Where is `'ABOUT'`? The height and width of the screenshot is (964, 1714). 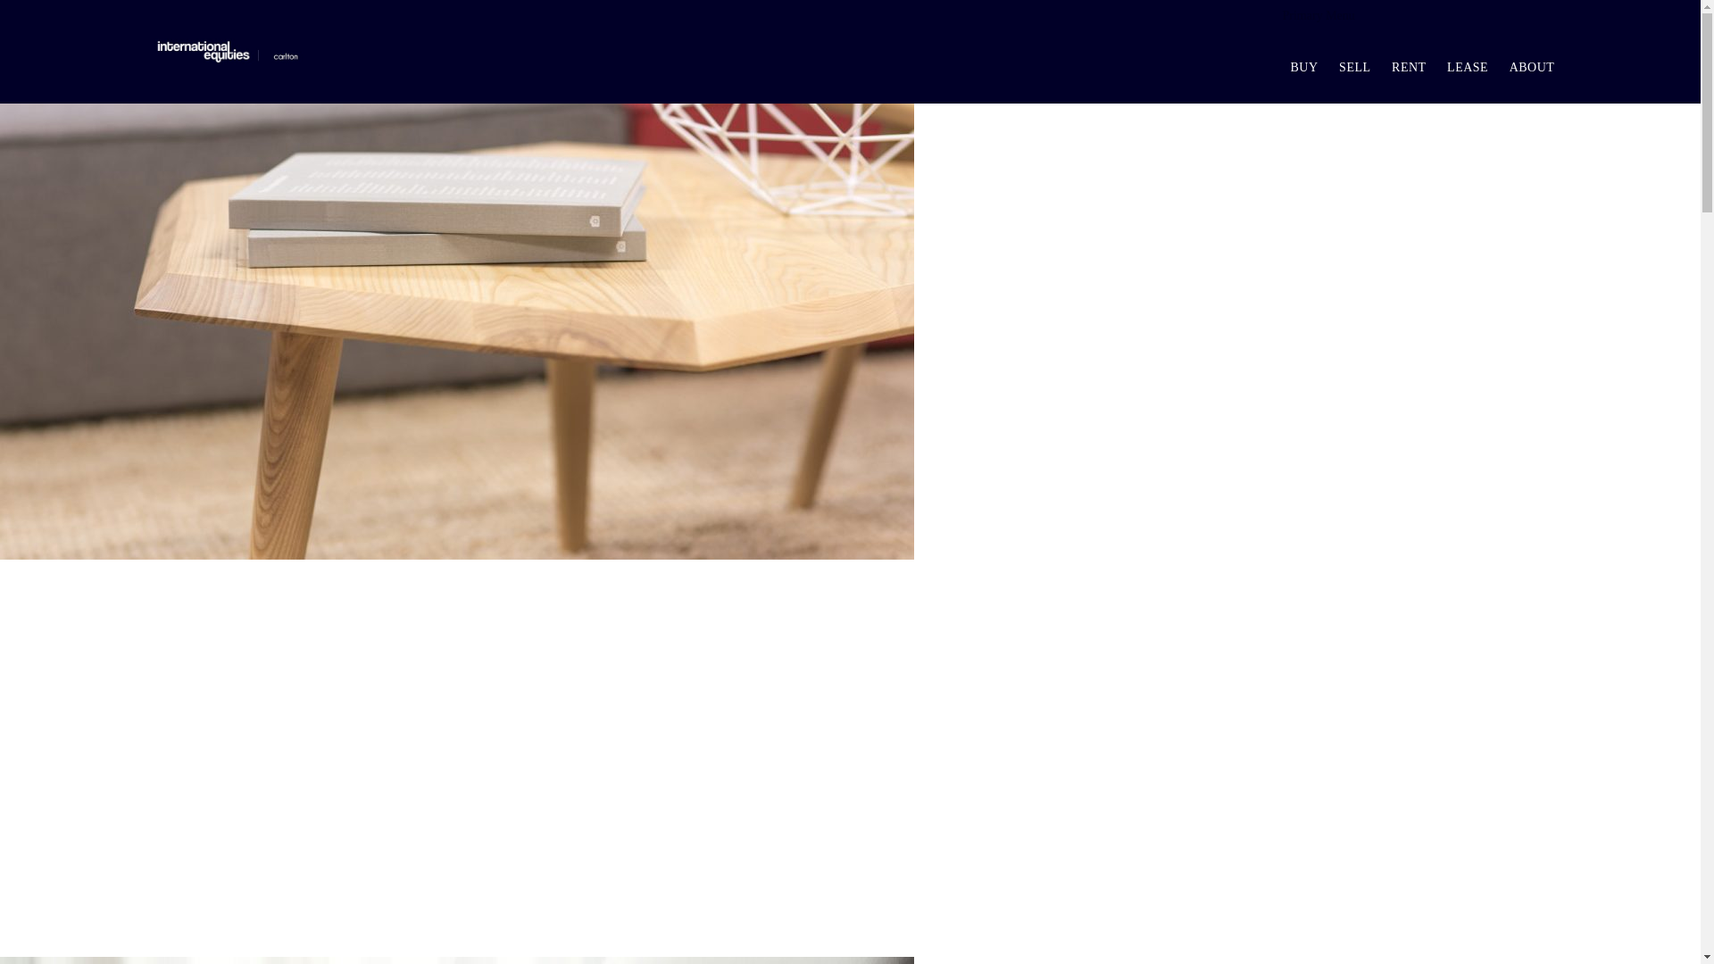 'ABOUT' is located at coordinates (1531, 67).